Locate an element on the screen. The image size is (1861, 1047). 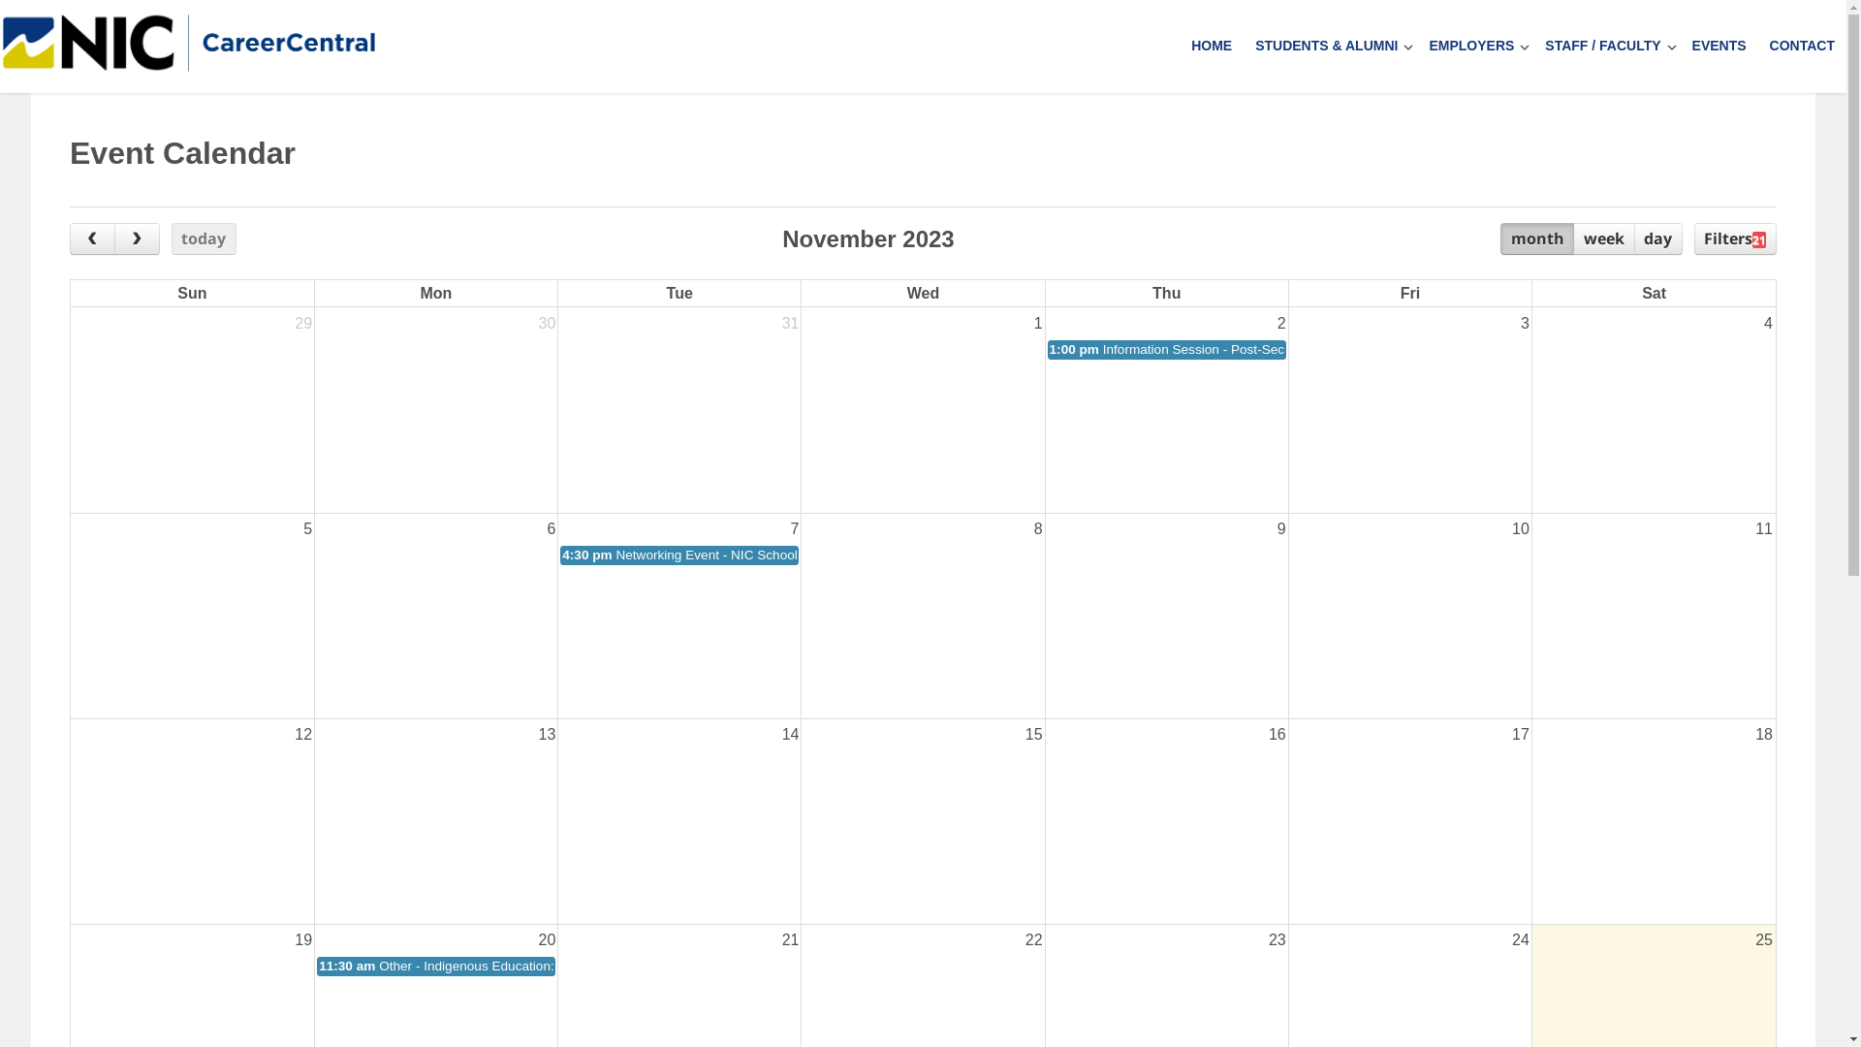
'Filters21' is located at coordinates (1692, 238).